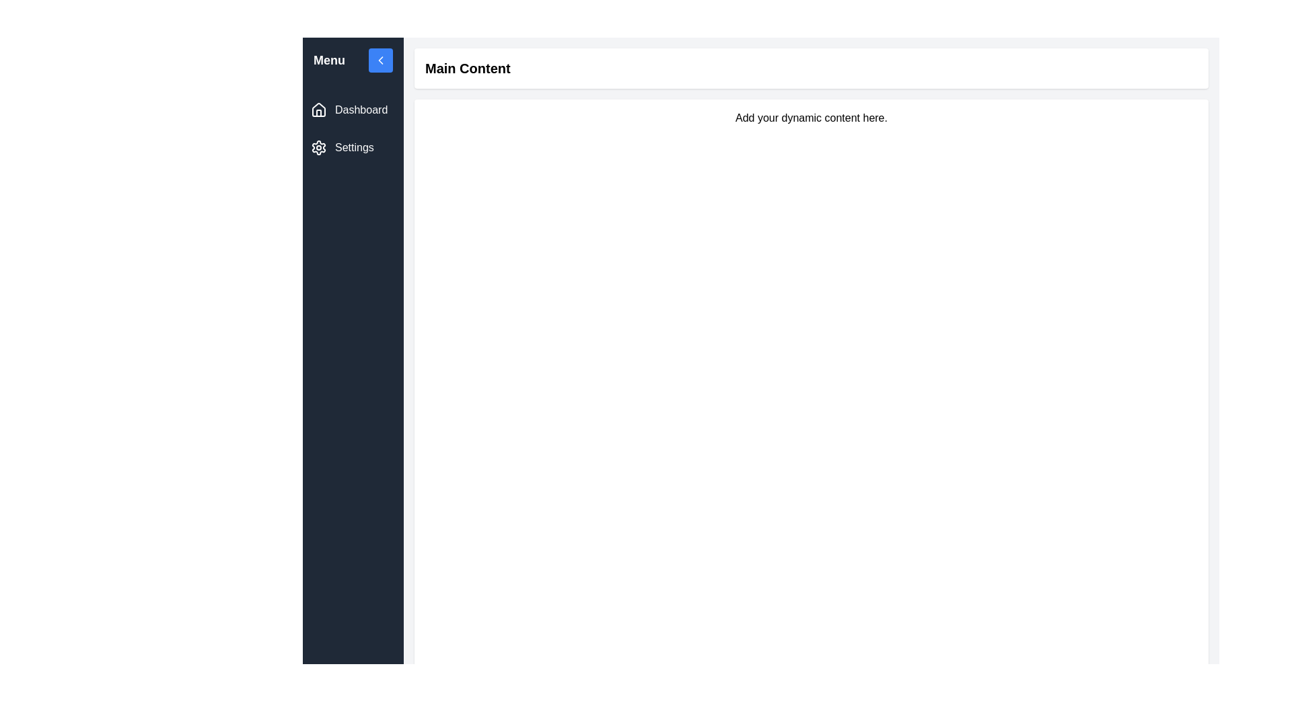  Describe the element at coordinates (318, 147) in the screenshot. I see `the cogwheel icon in the sidebar menu` at that location.